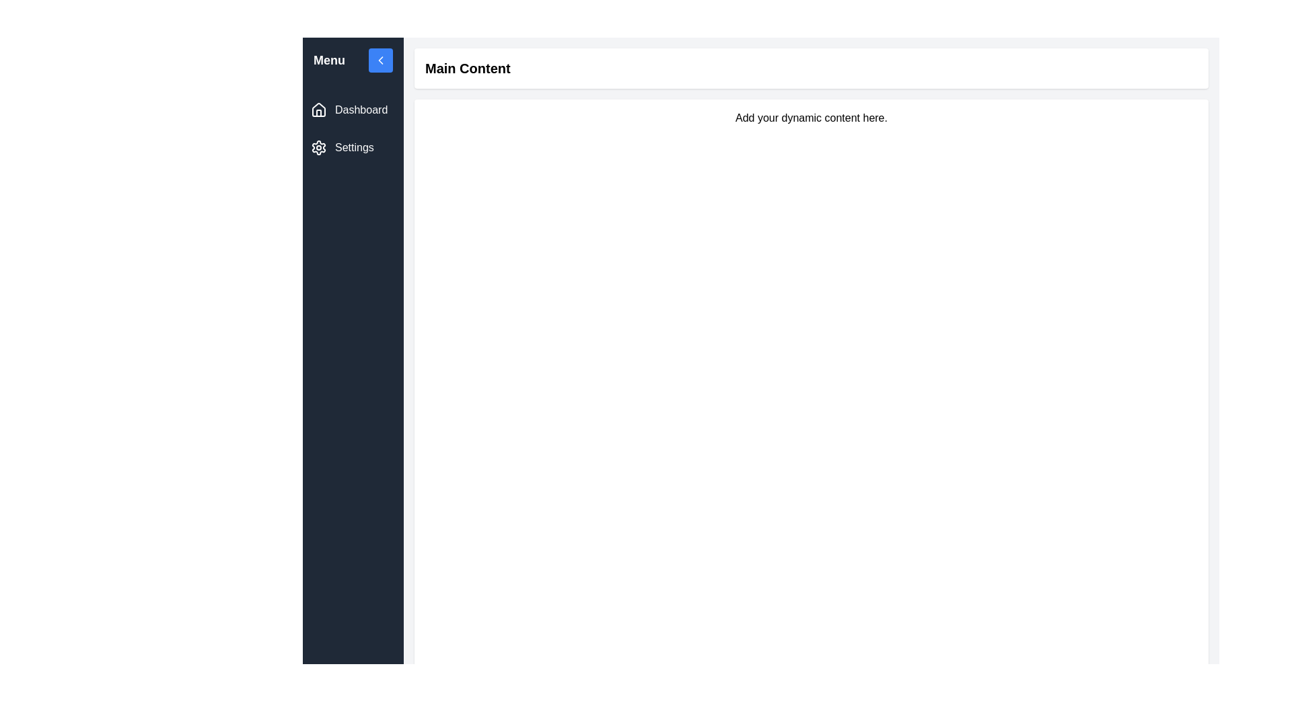  Describe the element at coordinates (318, 147) in the screenshot. I see `the cogwheel icon in the sidebar menu` at that location.